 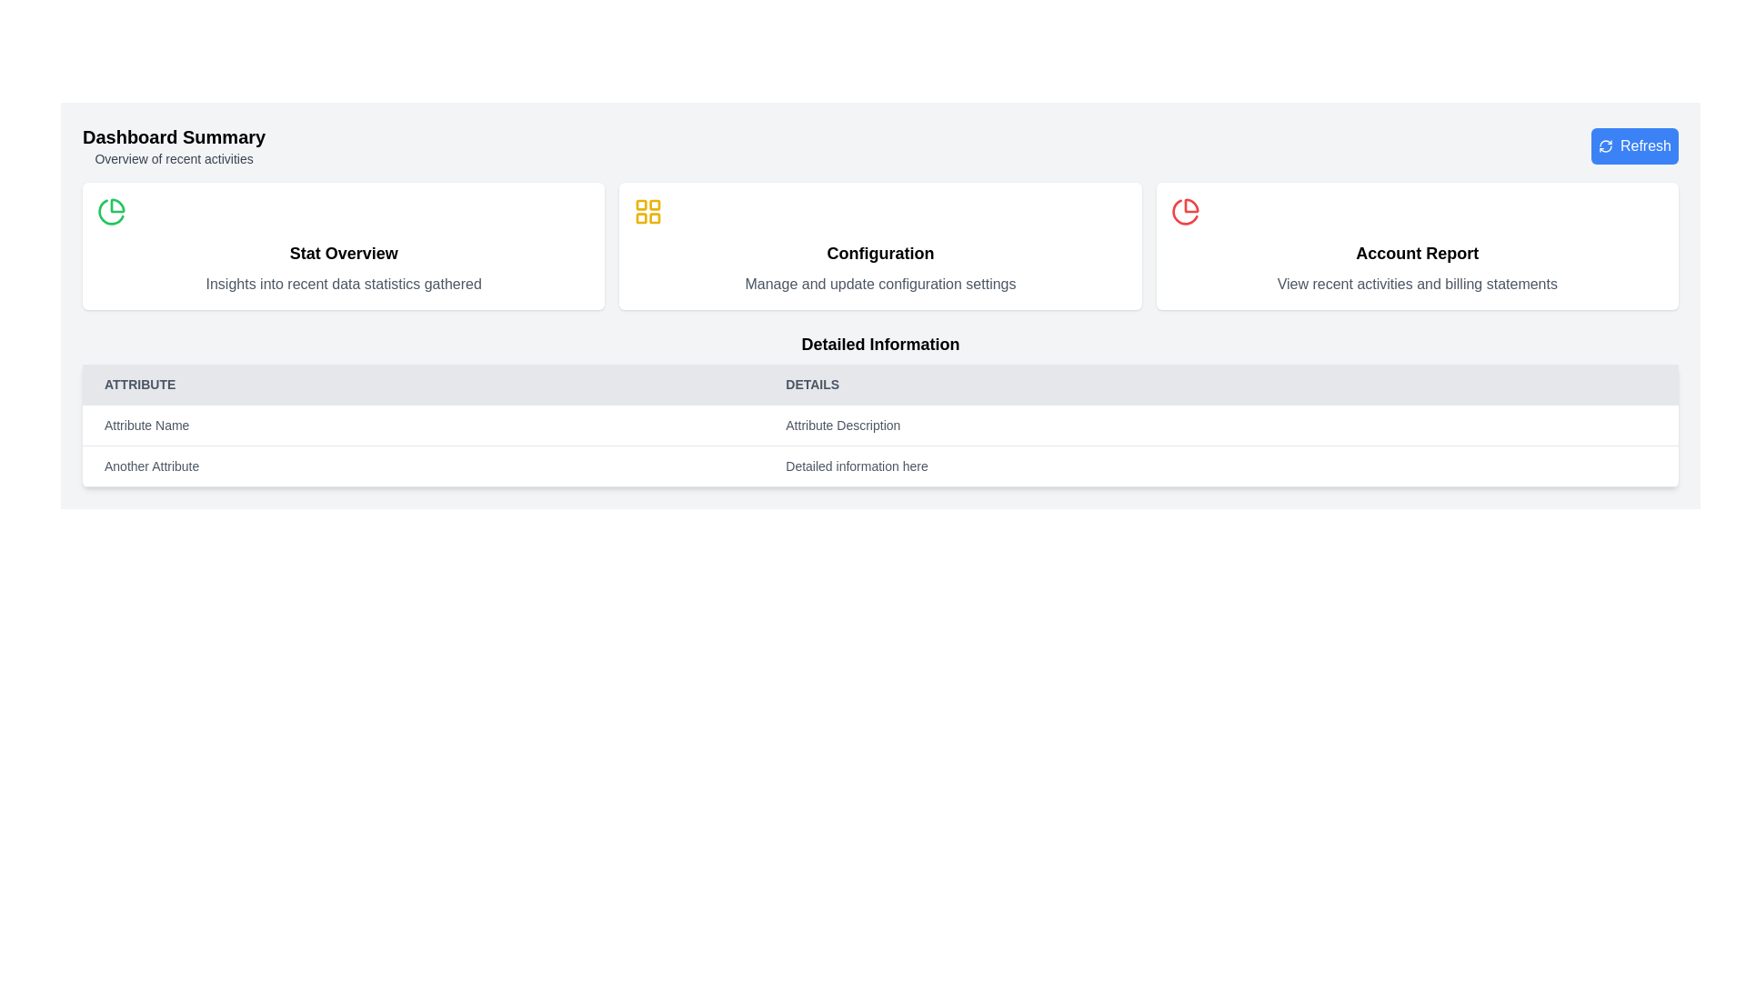 What do you see at coordinates (1606, 145) in the screenshot?
I see `the refresh icon element located within the blue button labeled 'Refresh' in the top-right corner of the interface` at bounding box center [1606, 145].